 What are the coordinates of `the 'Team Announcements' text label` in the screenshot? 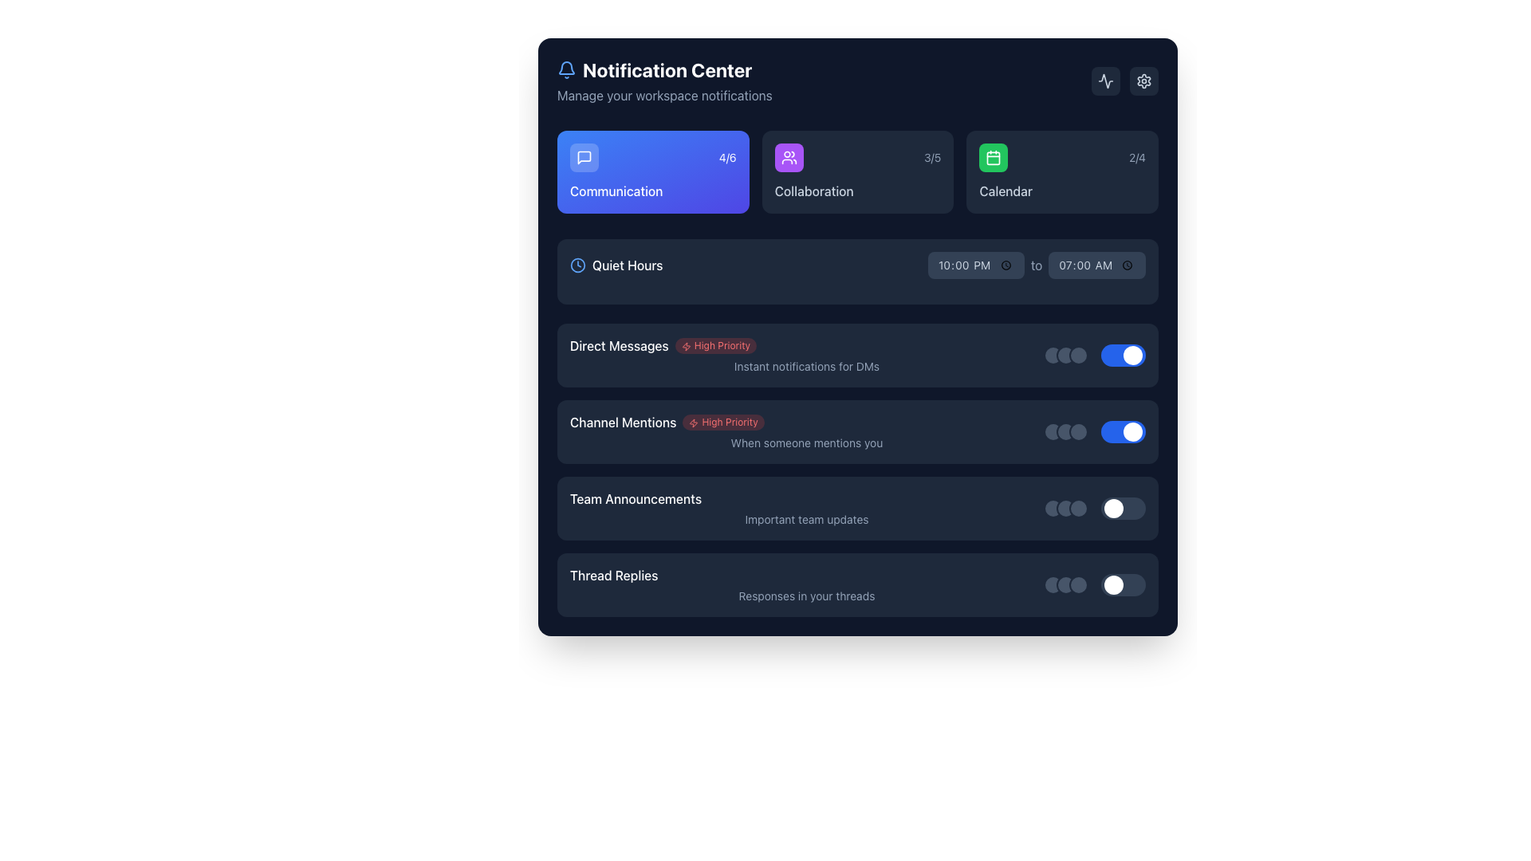 It's located at (635, 497).